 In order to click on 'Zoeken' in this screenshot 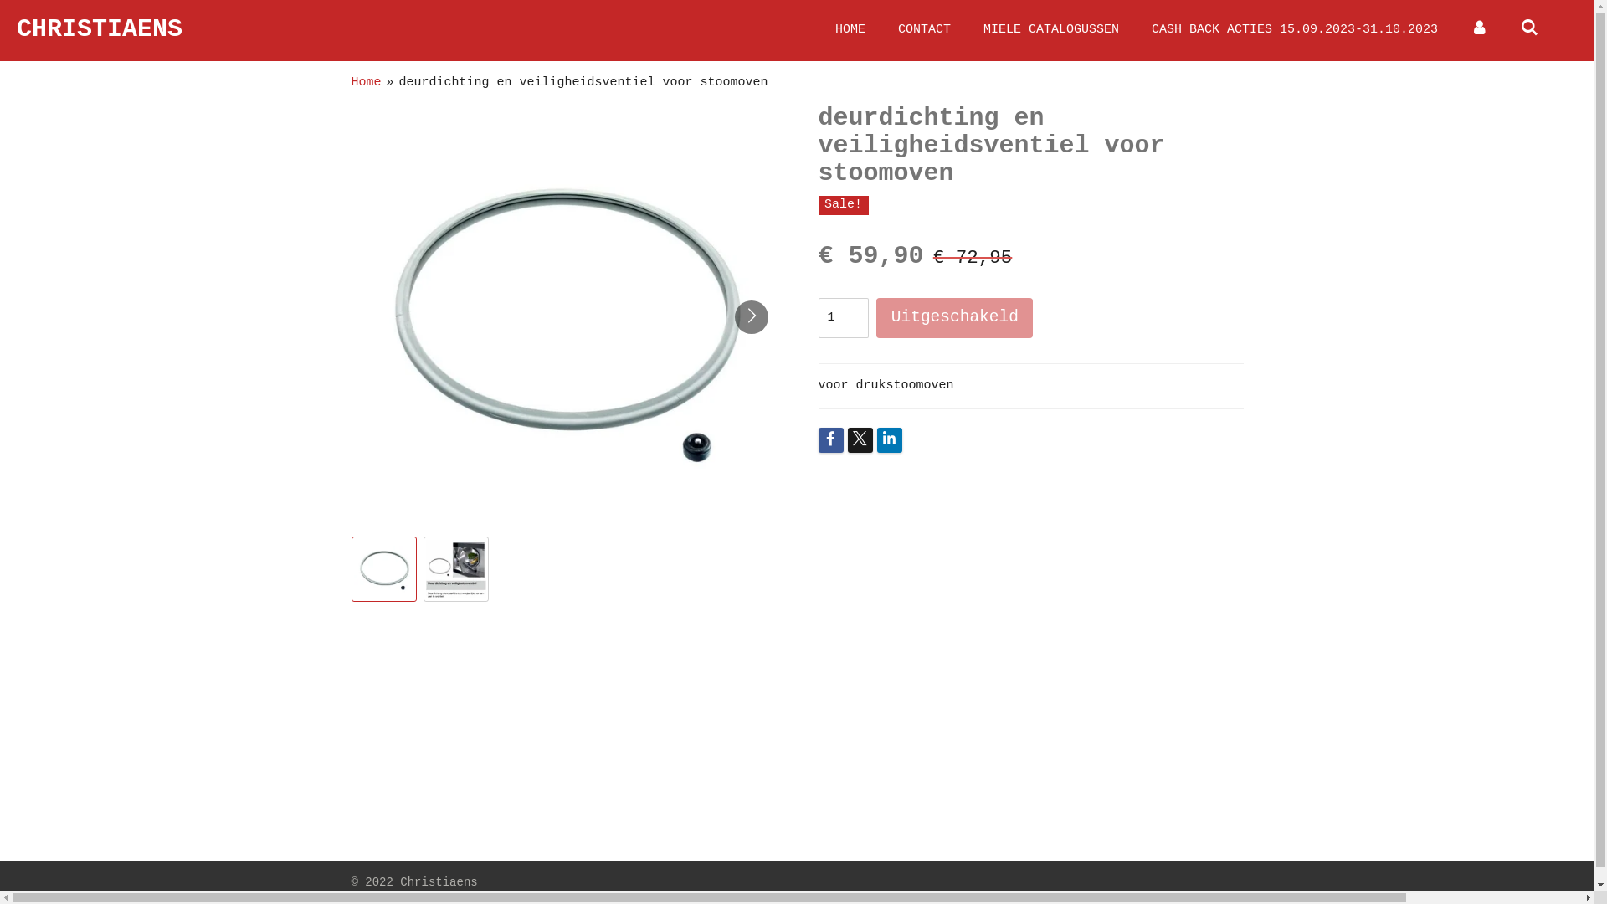, I will do `click(1529, 30)`.